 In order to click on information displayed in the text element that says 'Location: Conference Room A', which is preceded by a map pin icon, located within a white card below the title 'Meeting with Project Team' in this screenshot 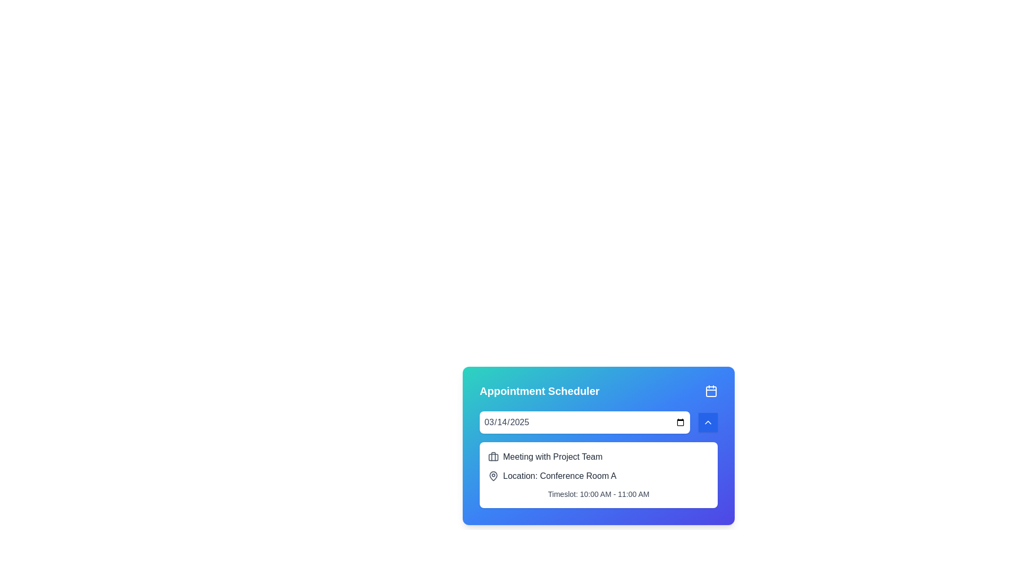, I will do `click(599, 475)`.